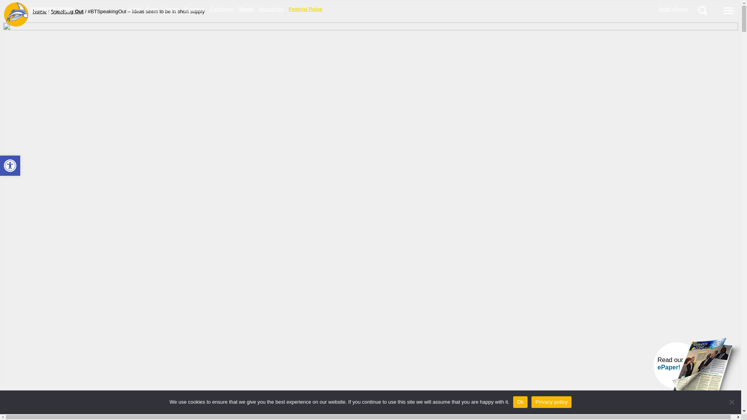 This screenshot has width=747, height=420. Describe the element at coordinates (285, 9) in the screenshot. I see `'Festival Pulse'` at that location.